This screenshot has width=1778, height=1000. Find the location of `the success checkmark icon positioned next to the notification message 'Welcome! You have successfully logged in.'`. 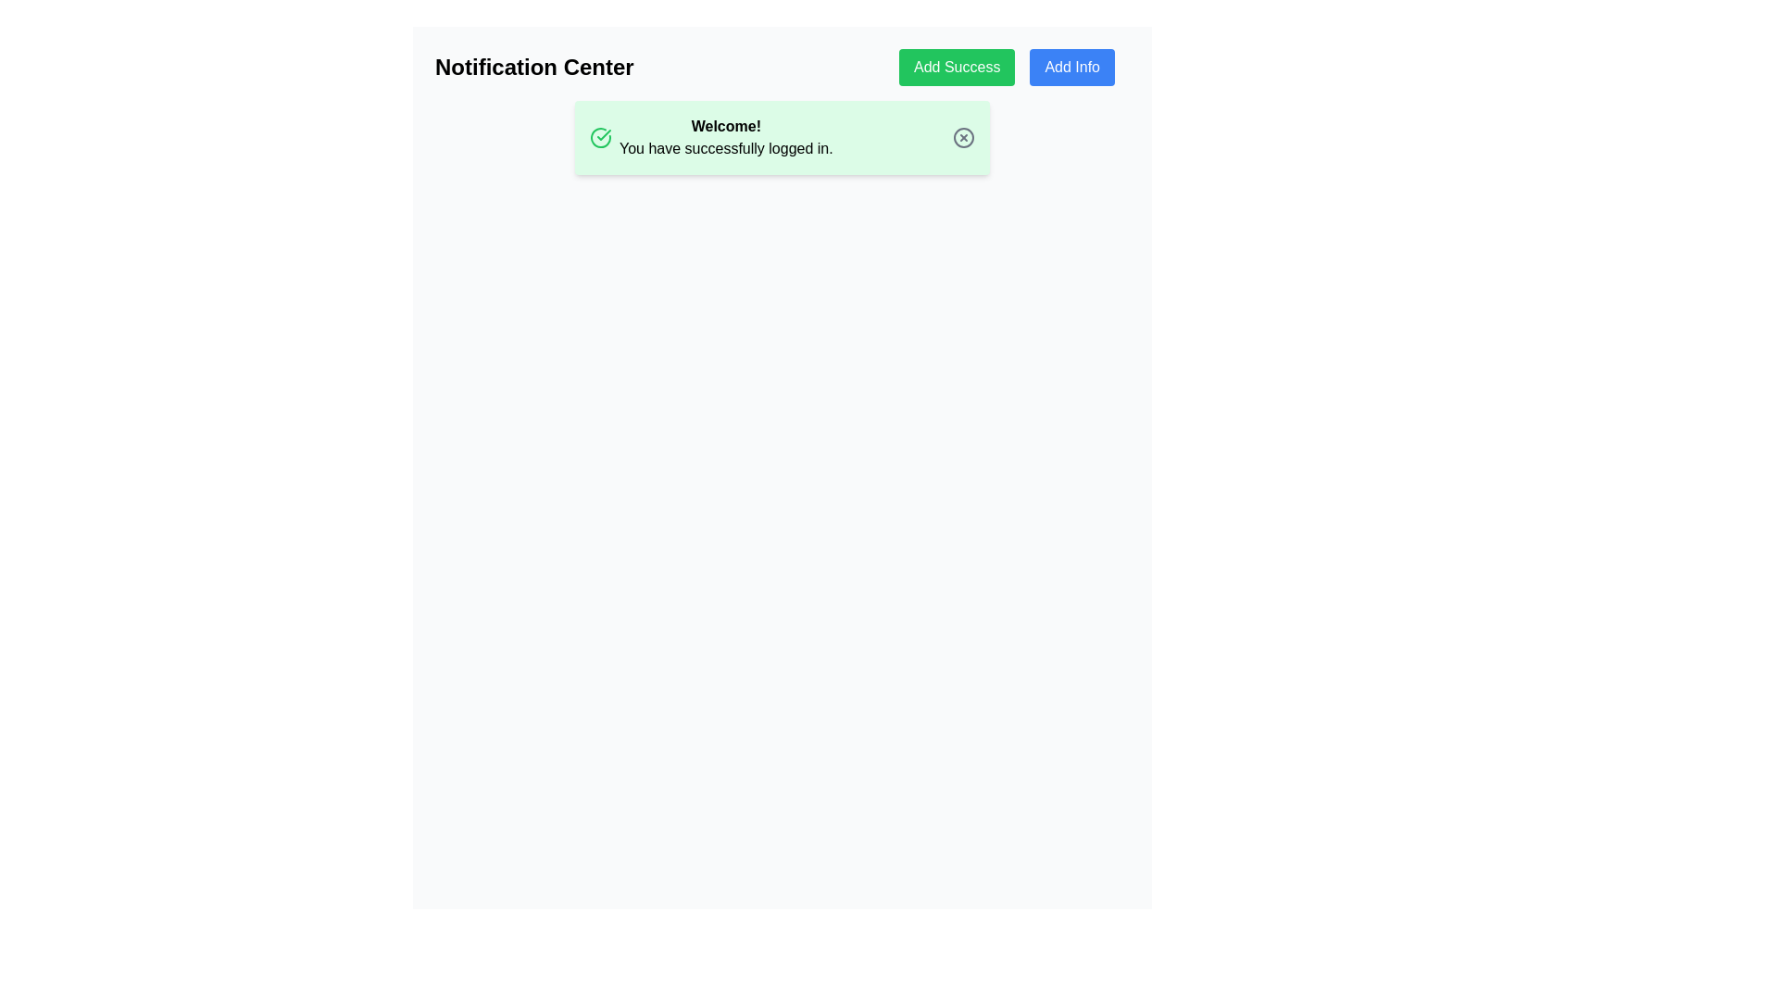

the success checkmark icon positioned next to the notification message 'Welcome! You have successfully logged in.' is located at coordinates (604, 134).